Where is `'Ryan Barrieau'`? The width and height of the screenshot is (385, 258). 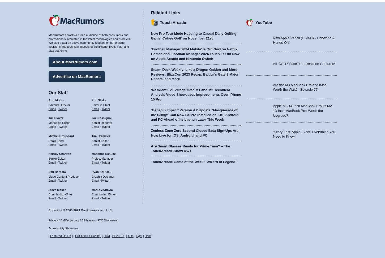
'Ryan Barrieau' is located at coordinates (101, 172).